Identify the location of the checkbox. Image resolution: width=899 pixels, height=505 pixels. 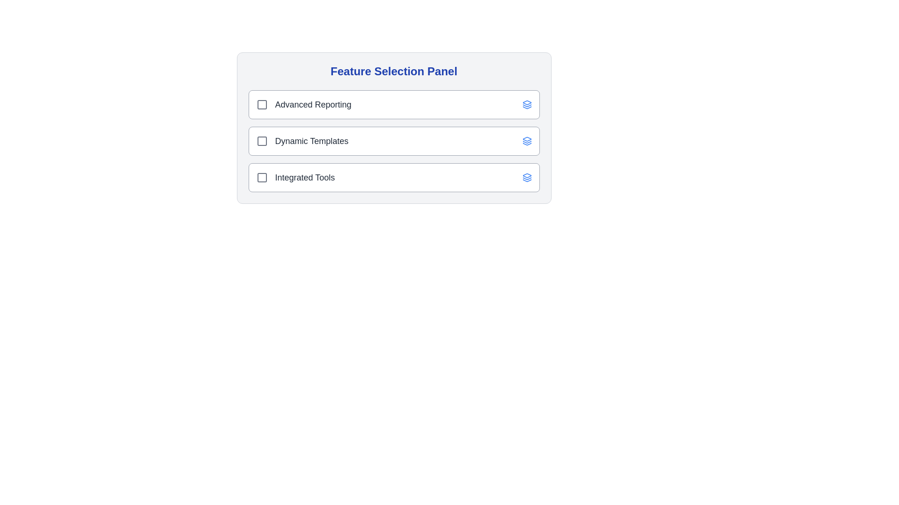
(262, 141).